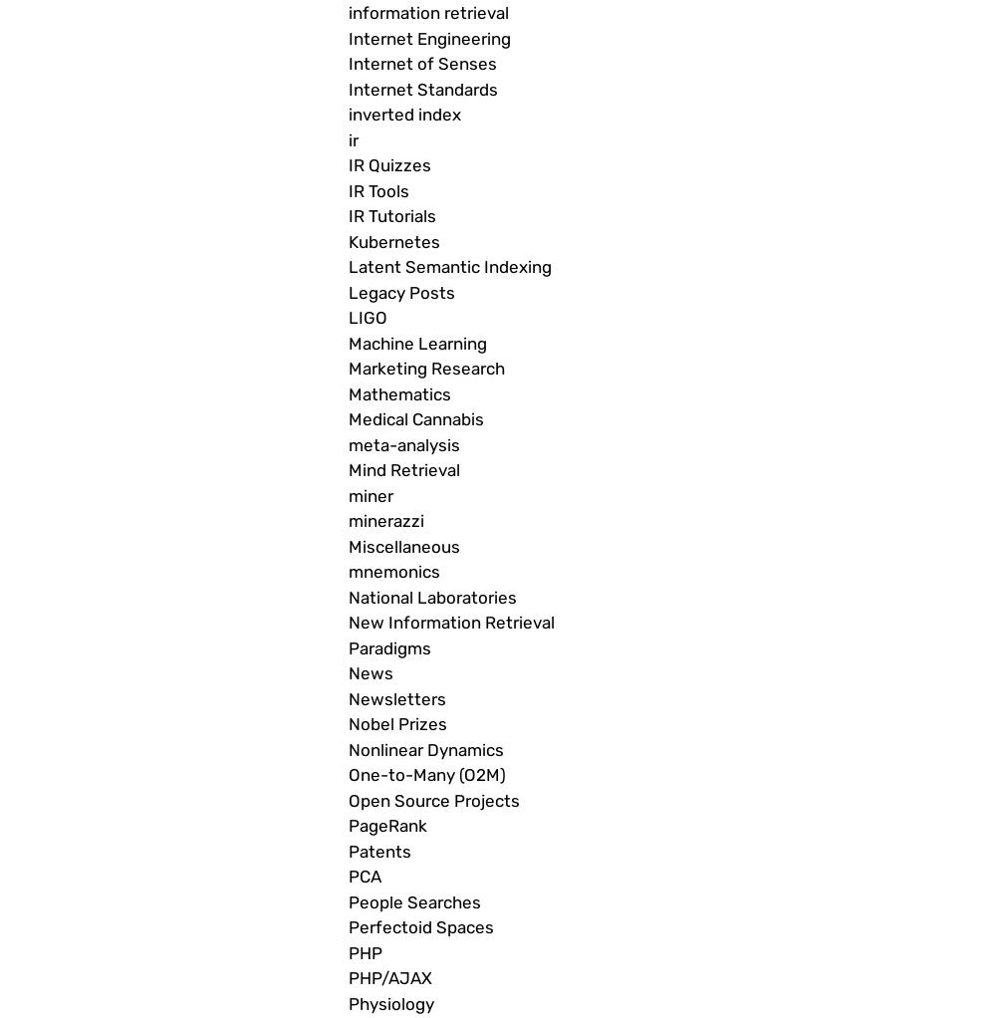 The width and height of the screenshot is (996, 1018). Describe the element at coordinates (404, 114) in the screenshot. I see `'inverted index'` at that location.